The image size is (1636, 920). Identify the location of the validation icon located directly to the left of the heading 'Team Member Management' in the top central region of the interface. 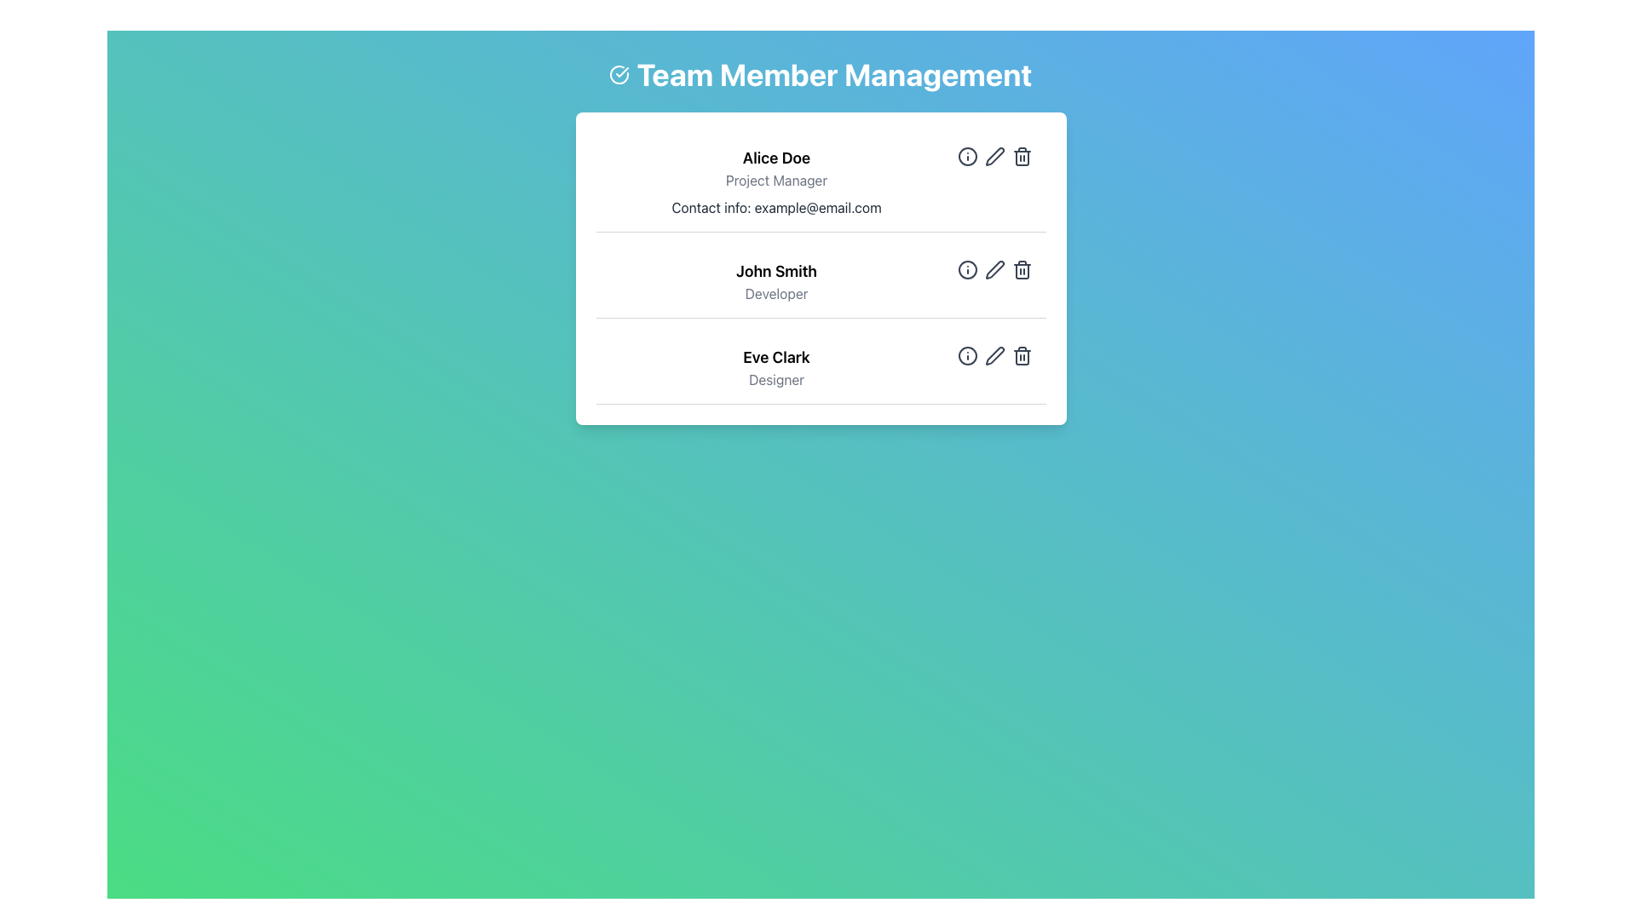
(619, 74).